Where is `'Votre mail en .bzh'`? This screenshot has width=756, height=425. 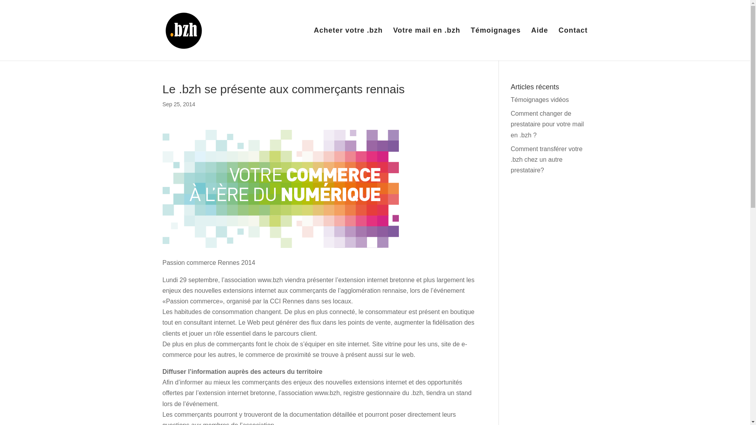 'Votre mail en .bzh' is located at coordinates (426, 44).